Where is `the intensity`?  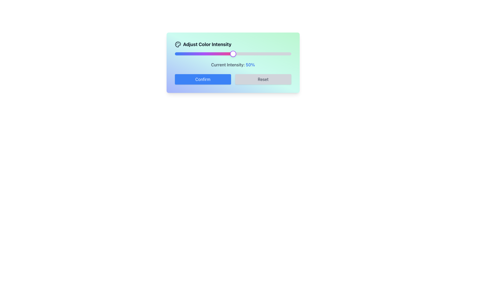 the intensity is located at coordinates (231, 54).